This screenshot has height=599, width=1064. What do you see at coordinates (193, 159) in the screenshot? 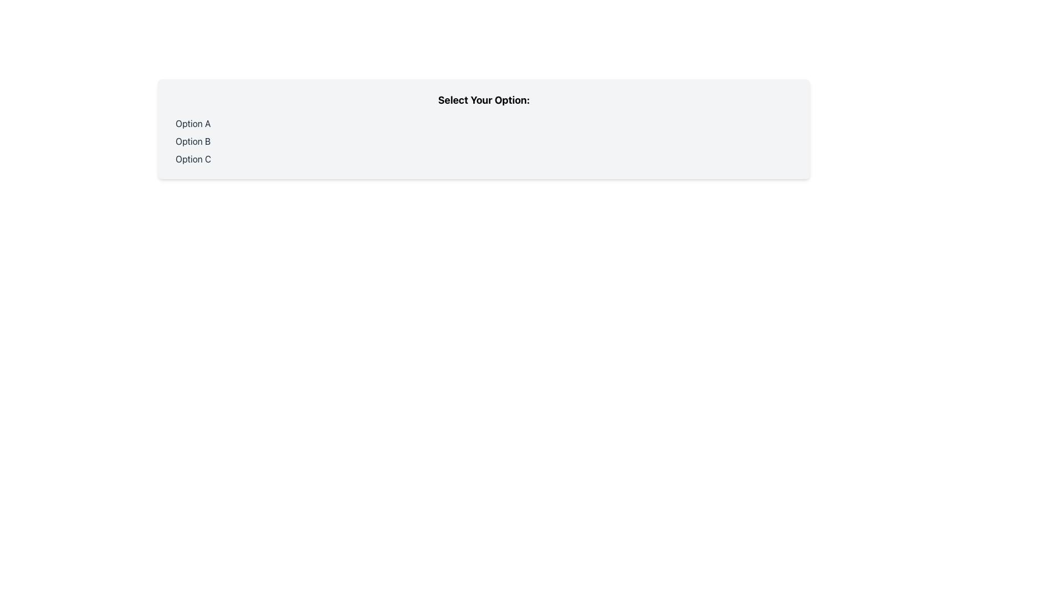
I see `the text label for the third selectable option in a vertical list, which is positioned under 'Option A' and 'Option B'` at bounding box center [193, 159].